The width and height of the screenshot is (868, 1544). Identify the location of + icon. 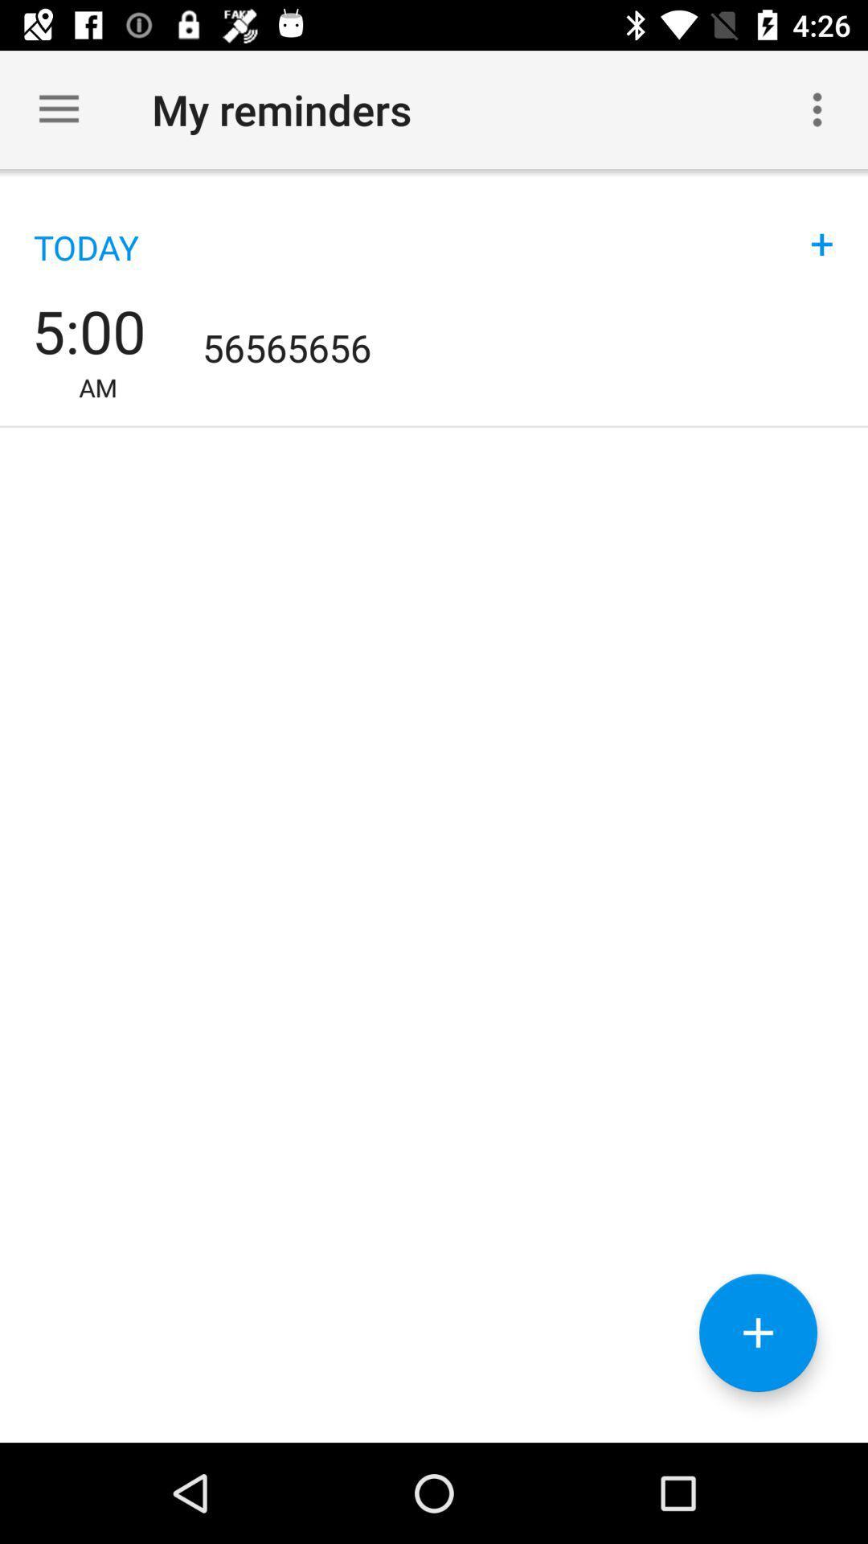
(821, 227).